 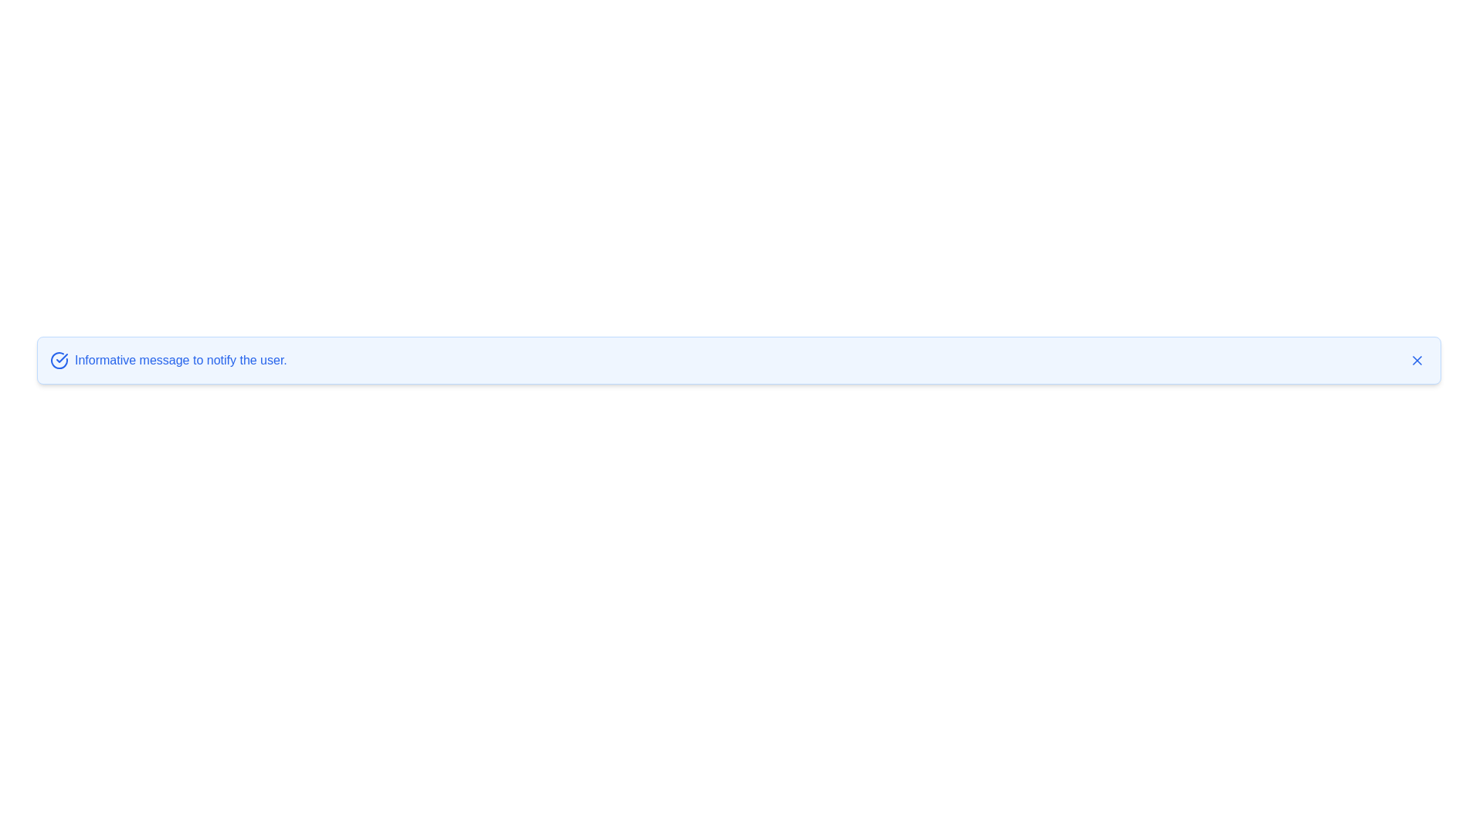 I want to click on the close button located on the far-right side of the notification bar, so click(x=1417, y=360).